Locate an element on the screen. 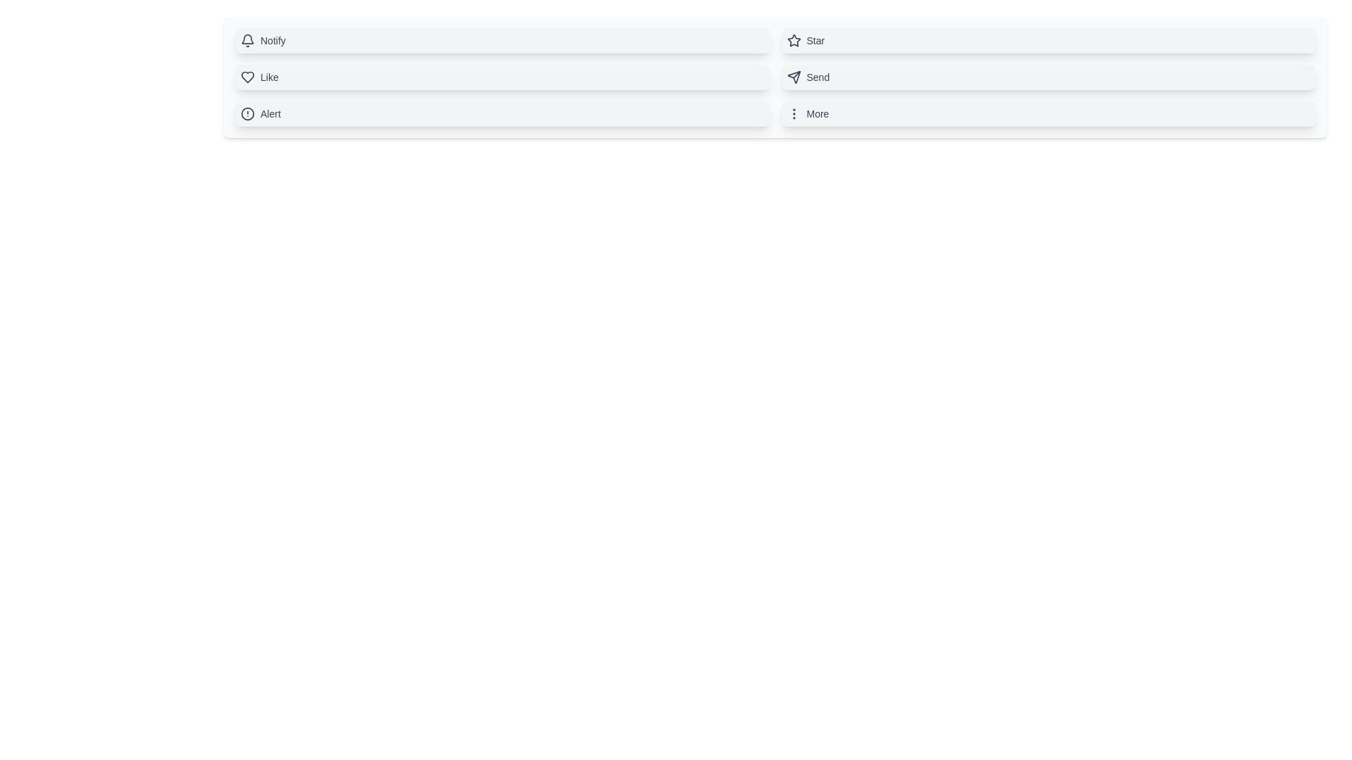  the Icon (SVG Ellipsis) located to the left of the text 'More' within the 'More' button at the bottom-right corner of the layout section is located at coordinates (794, 113).